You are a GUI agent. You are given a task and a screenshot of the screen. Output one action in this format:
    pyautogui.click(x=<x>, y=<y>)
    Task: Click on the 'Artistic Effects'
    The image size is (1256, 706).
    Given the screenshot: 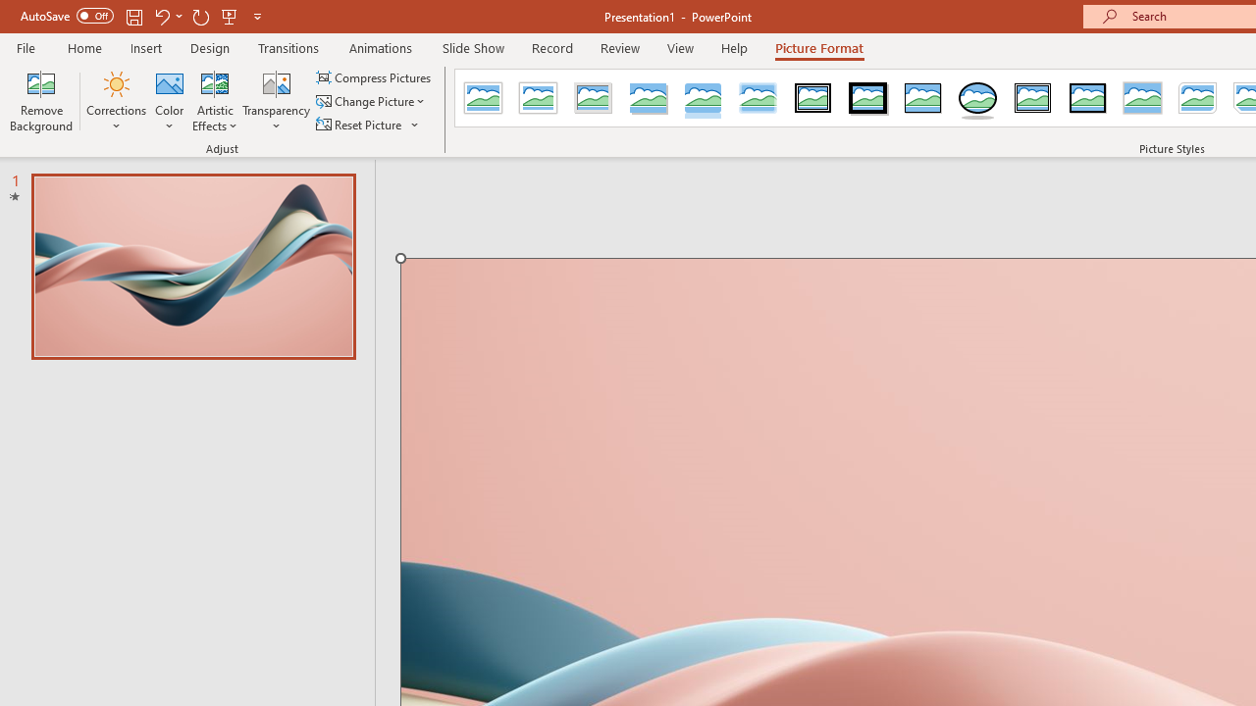 What is the action you would take?
    pyautogui.click(x=215, y=101)
    